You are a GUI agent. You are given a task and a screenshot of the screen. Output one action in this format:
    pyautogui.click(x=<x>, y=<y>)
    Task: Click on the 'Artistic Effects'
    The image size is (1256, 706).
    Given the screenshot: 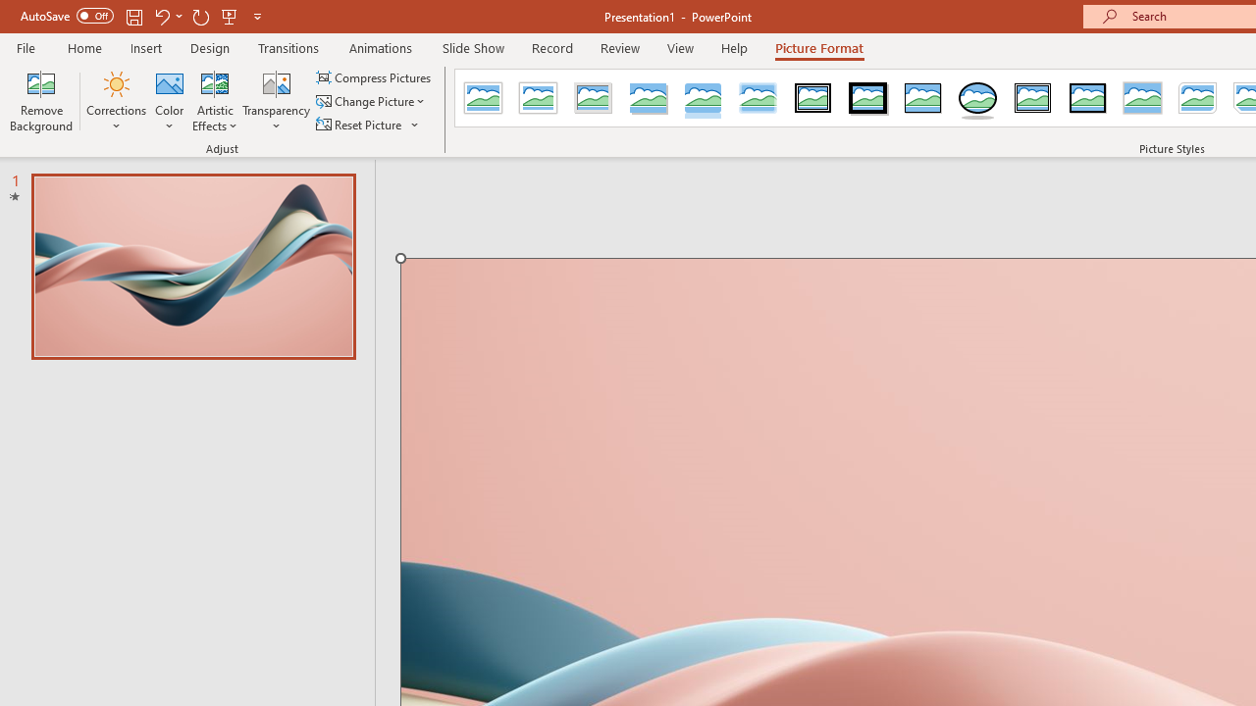 What is the action you would take?
    pyautogui.click(x=215, y=101)
    